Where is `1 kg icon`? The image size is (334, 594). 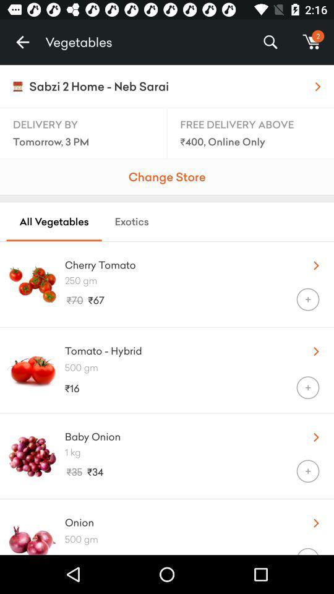 1 kg icon is located at coordinates (199, 451).